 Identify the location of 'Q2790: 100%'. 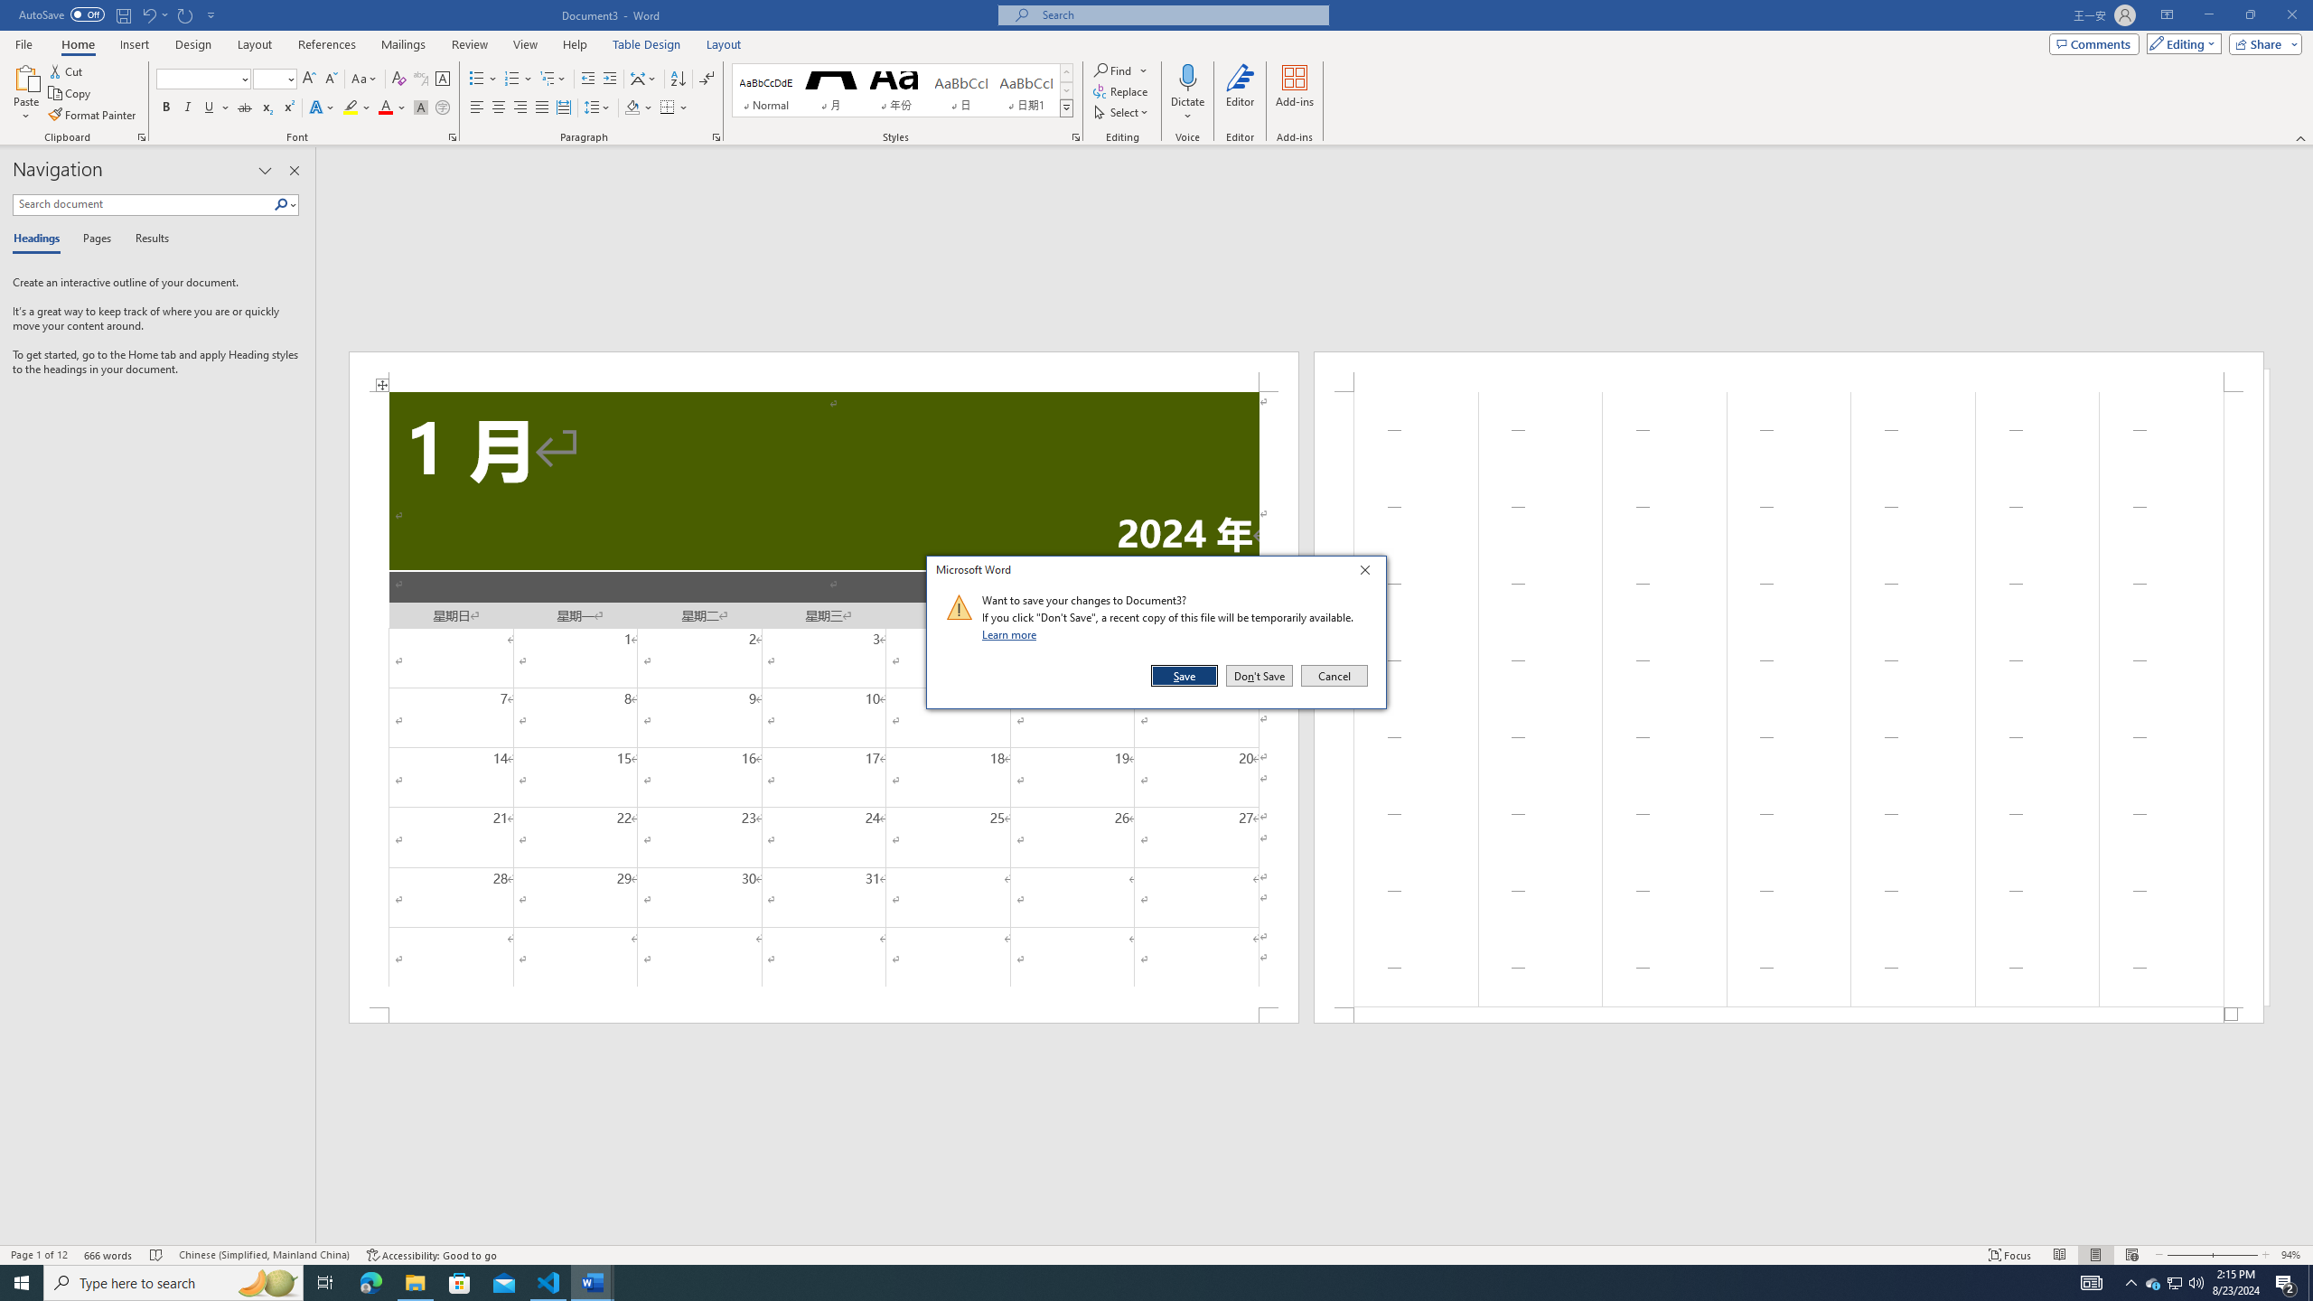
(2195, 1281).